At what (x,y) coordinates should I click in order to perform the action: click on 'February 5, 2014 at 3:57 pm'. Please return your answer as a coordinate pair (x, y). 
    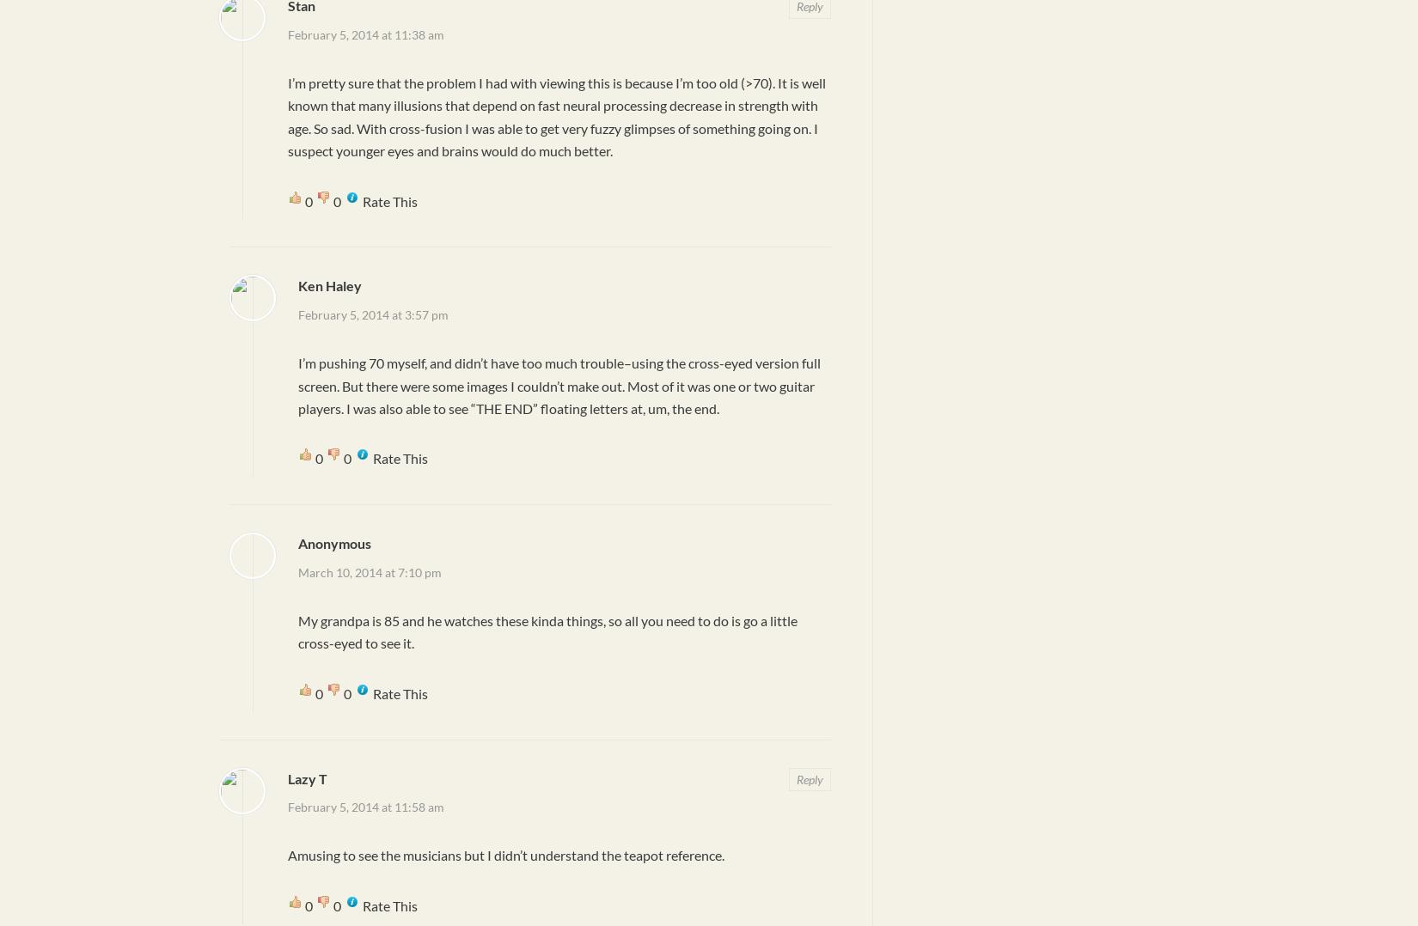
    Looking at the image, I should click on (372, 314).